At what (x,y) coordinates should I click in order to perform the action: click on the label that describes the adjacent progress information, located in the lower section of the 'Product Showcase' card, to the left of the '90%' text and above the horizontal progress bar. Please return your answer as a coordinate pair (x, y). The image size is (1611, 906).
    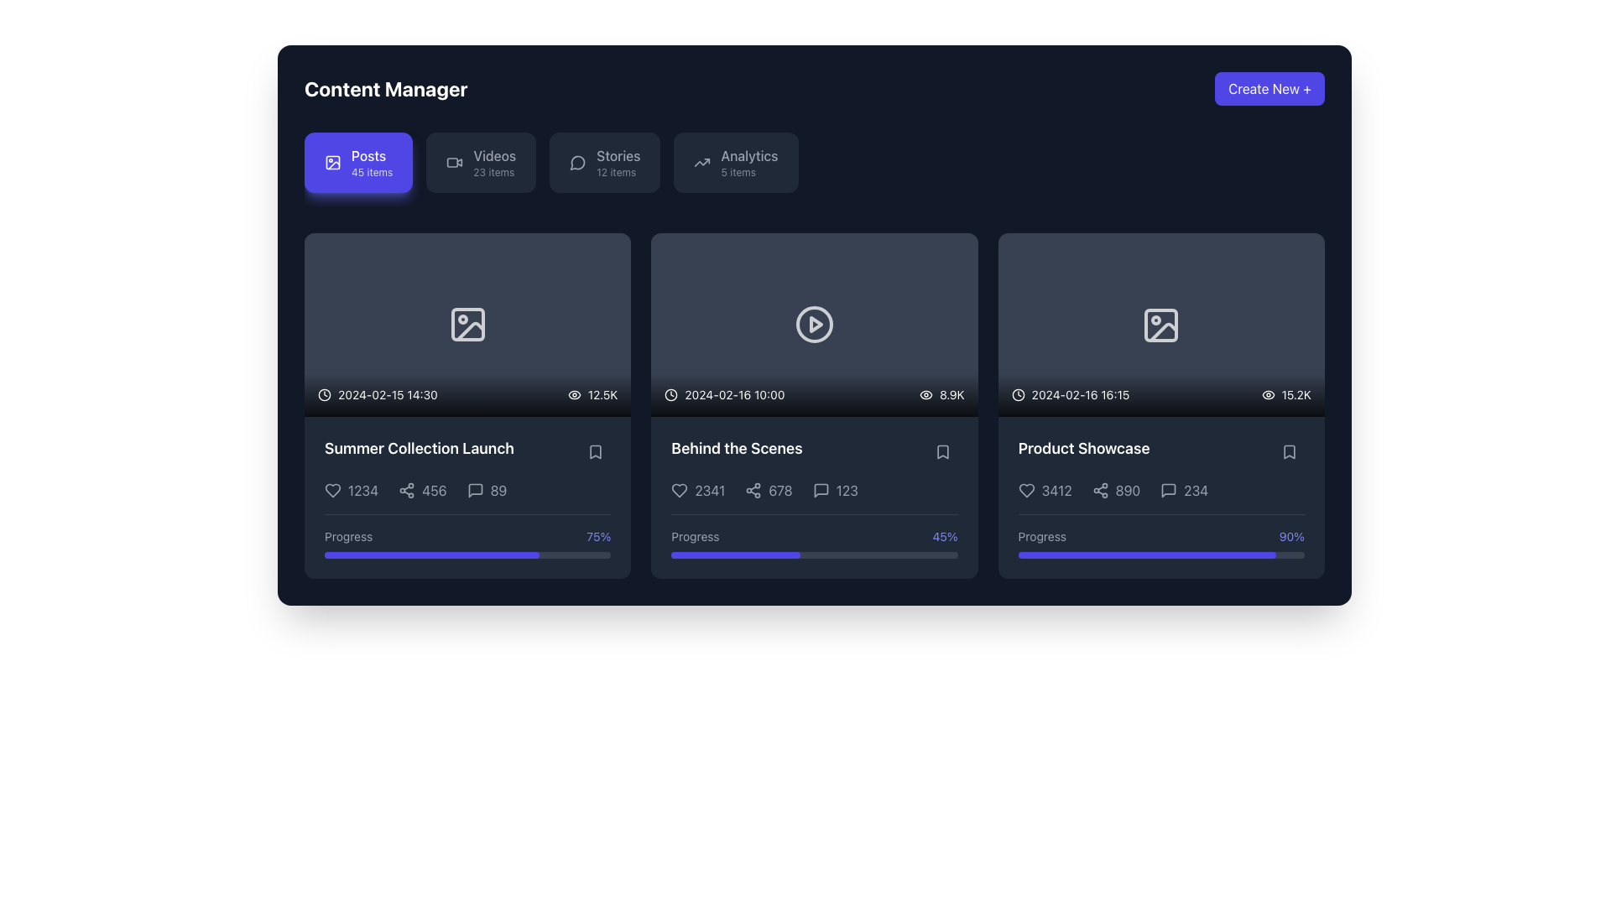
    Looking at the image, I should click on (1041, 537).